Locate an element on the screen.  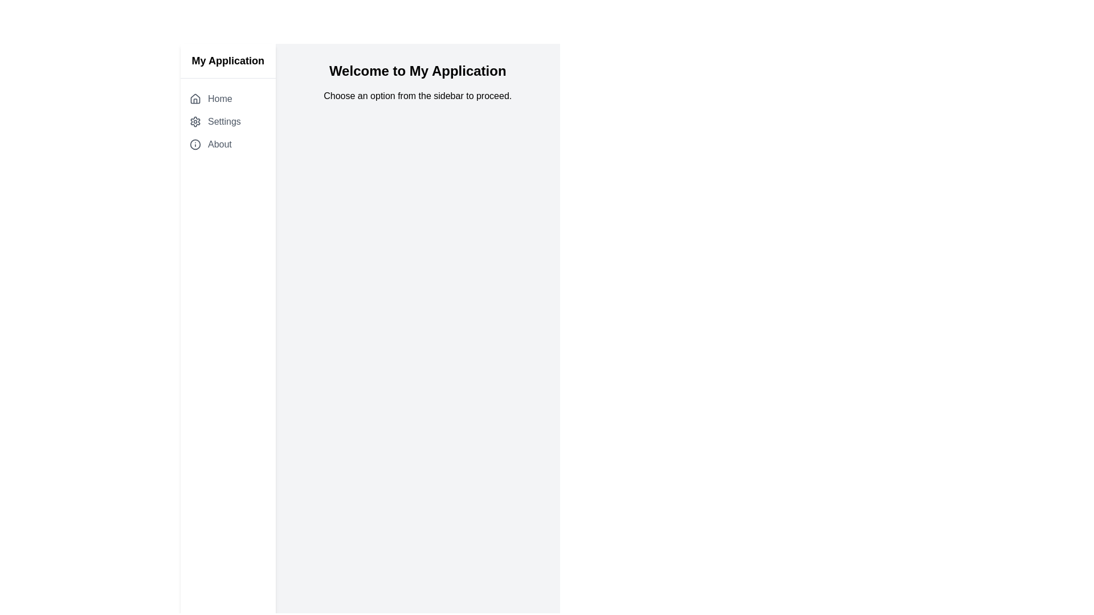
the 'Settings' menu icon located in the vertical navigation menu on the left side, positioned below the 'Home' icon and above the 'About' icon is located at coordinates (195, 121).